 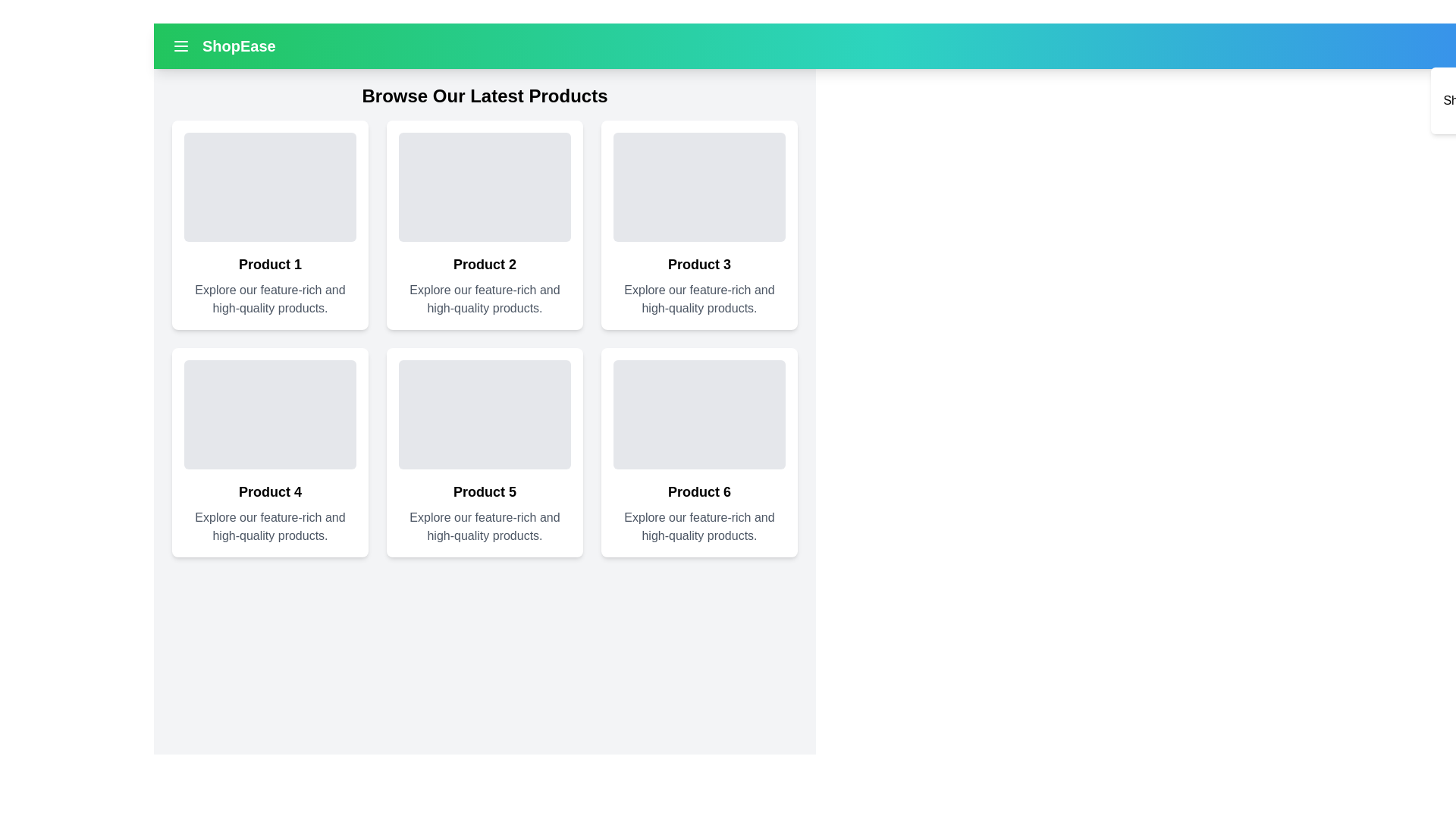 I want to click on the descriptive text for the 'Product 2' card, located at the bottom of the card in the middle of a 3x2 grid layout, so click(x=484, y=299).